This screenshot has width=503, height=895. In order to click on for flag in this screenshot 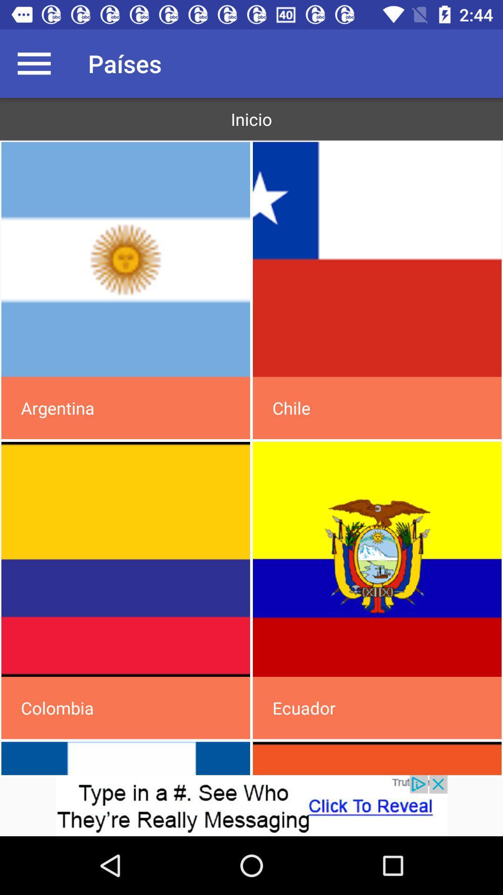, I will do `click(126, 259)`.